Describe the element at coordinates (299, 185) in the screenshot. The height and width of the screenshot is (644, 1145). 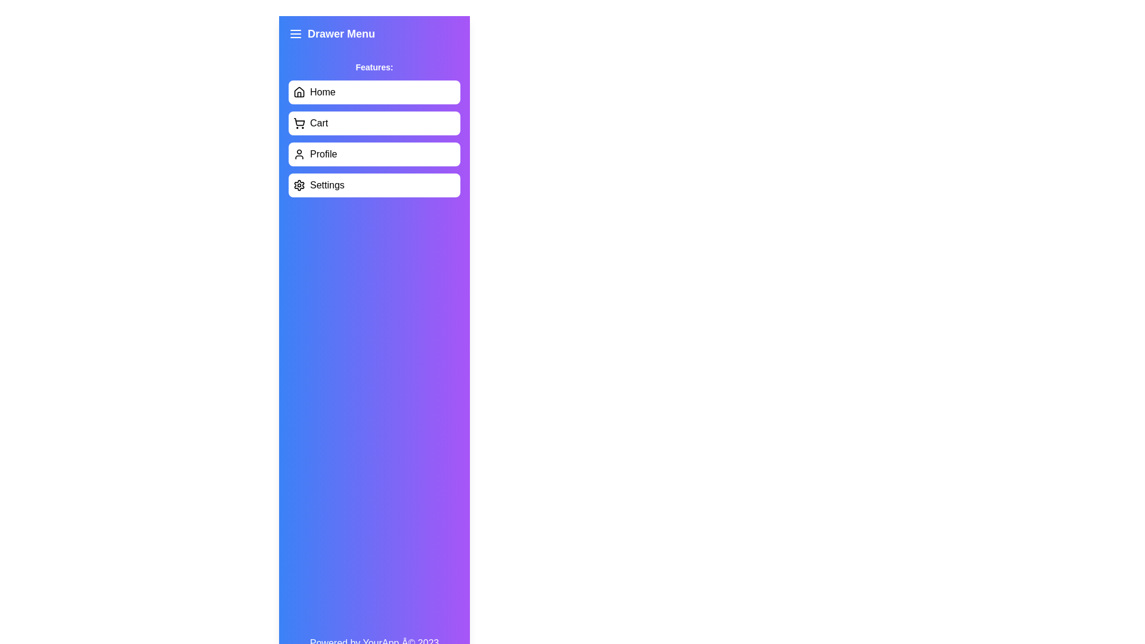
I see `the gear-like Settings icon within the drawer menu` at that location.